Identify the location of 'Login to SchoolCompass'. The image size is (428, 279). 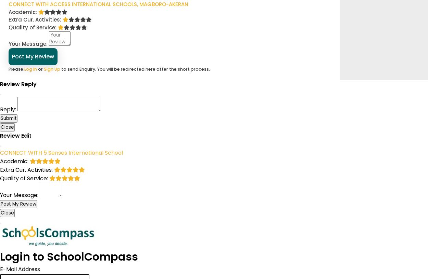
(68, 256).